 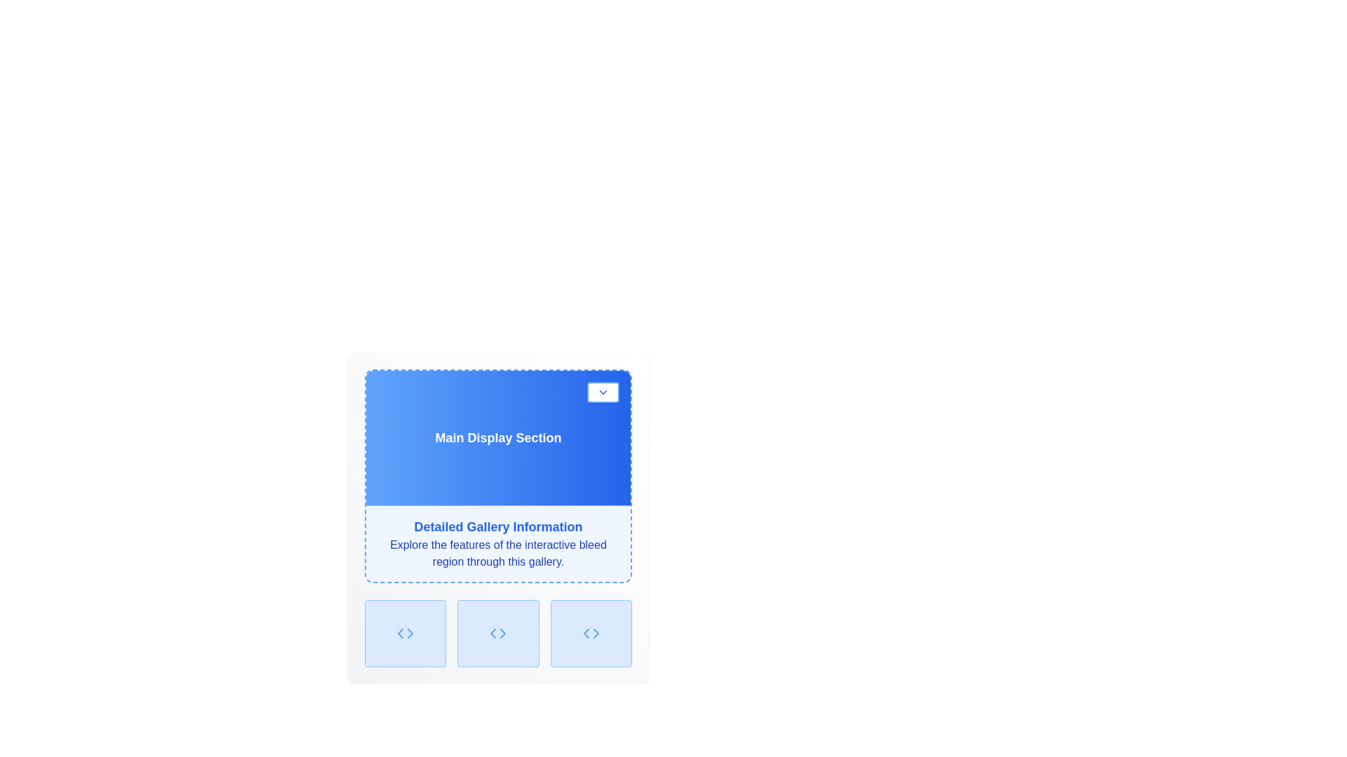 I want to click on the rightward triangle of the chevron-shaped icon located at the bottom left of the layout, beneath the 'Detailed Gallery Information' section, to navigate or perform an action, so click(x=410, y=633).